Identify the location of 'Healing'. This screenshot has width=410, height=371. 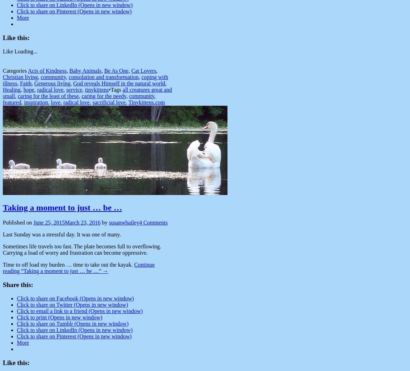
(12, 89).